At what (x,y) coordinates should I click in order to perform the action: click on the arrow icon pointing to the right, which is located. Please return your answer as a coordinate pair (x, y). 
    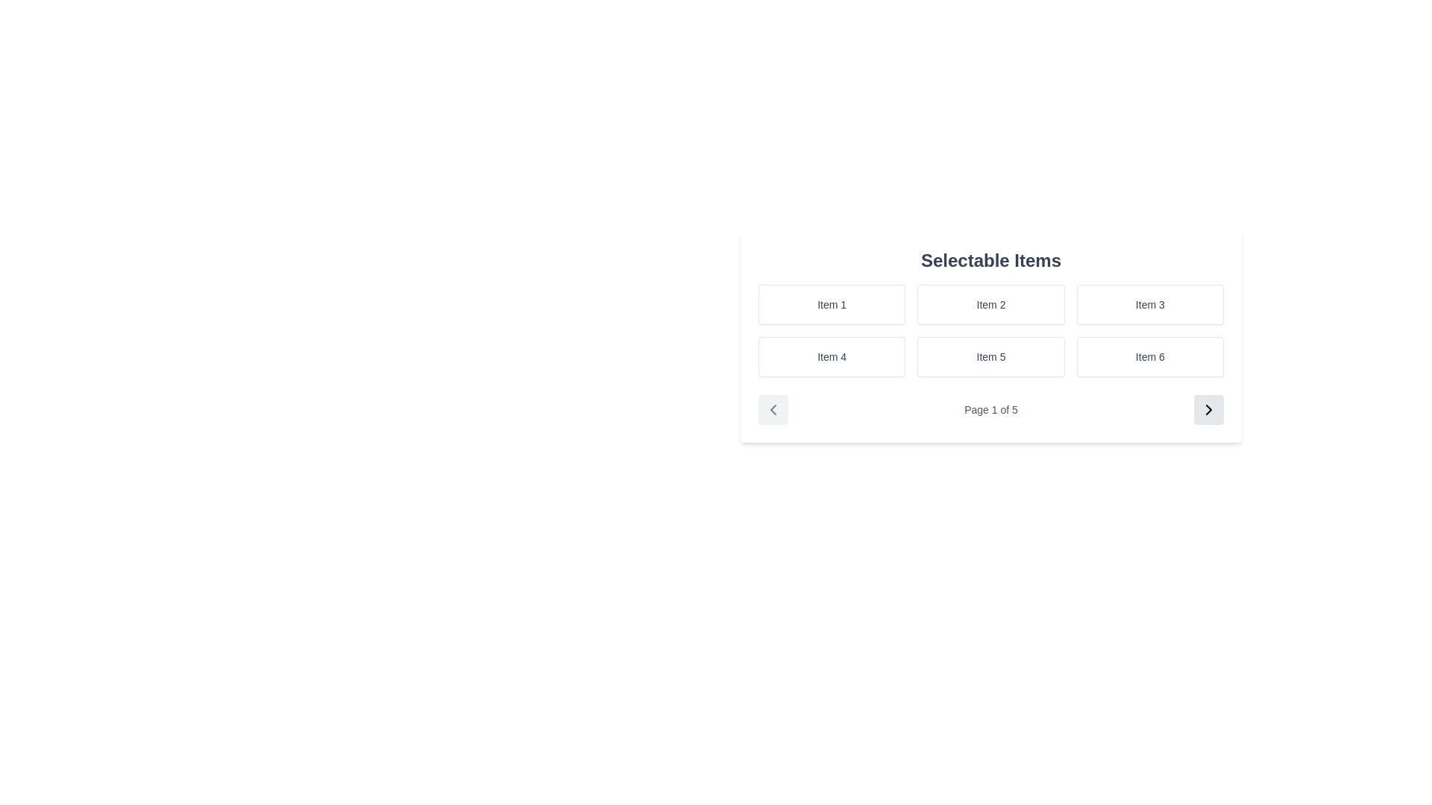
    Looking at the image, I should click on (1209, 410).